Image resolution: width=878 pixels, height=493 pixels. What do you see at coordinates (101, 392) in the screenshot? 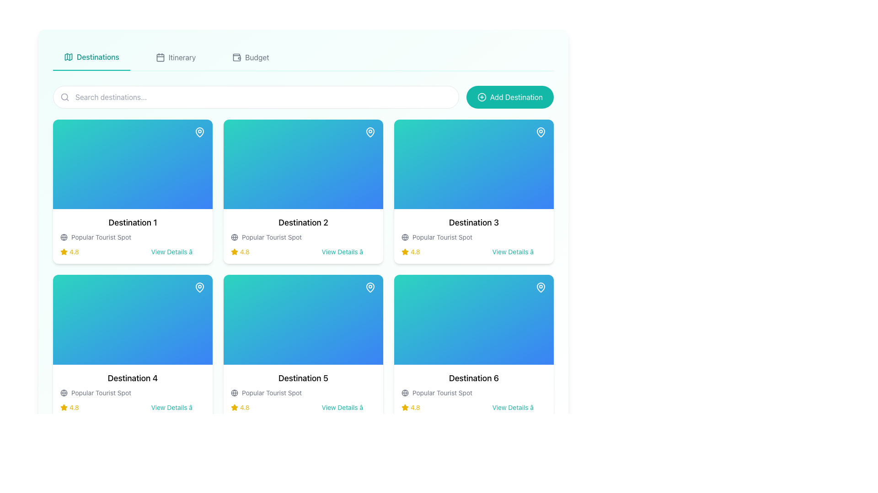
I see `the static text label 'Popular Tourist Spot' which is styled in gray and located to the left of the star rating in the lower section of the box for 'Destination 4'` at bounding box center [101, 392].